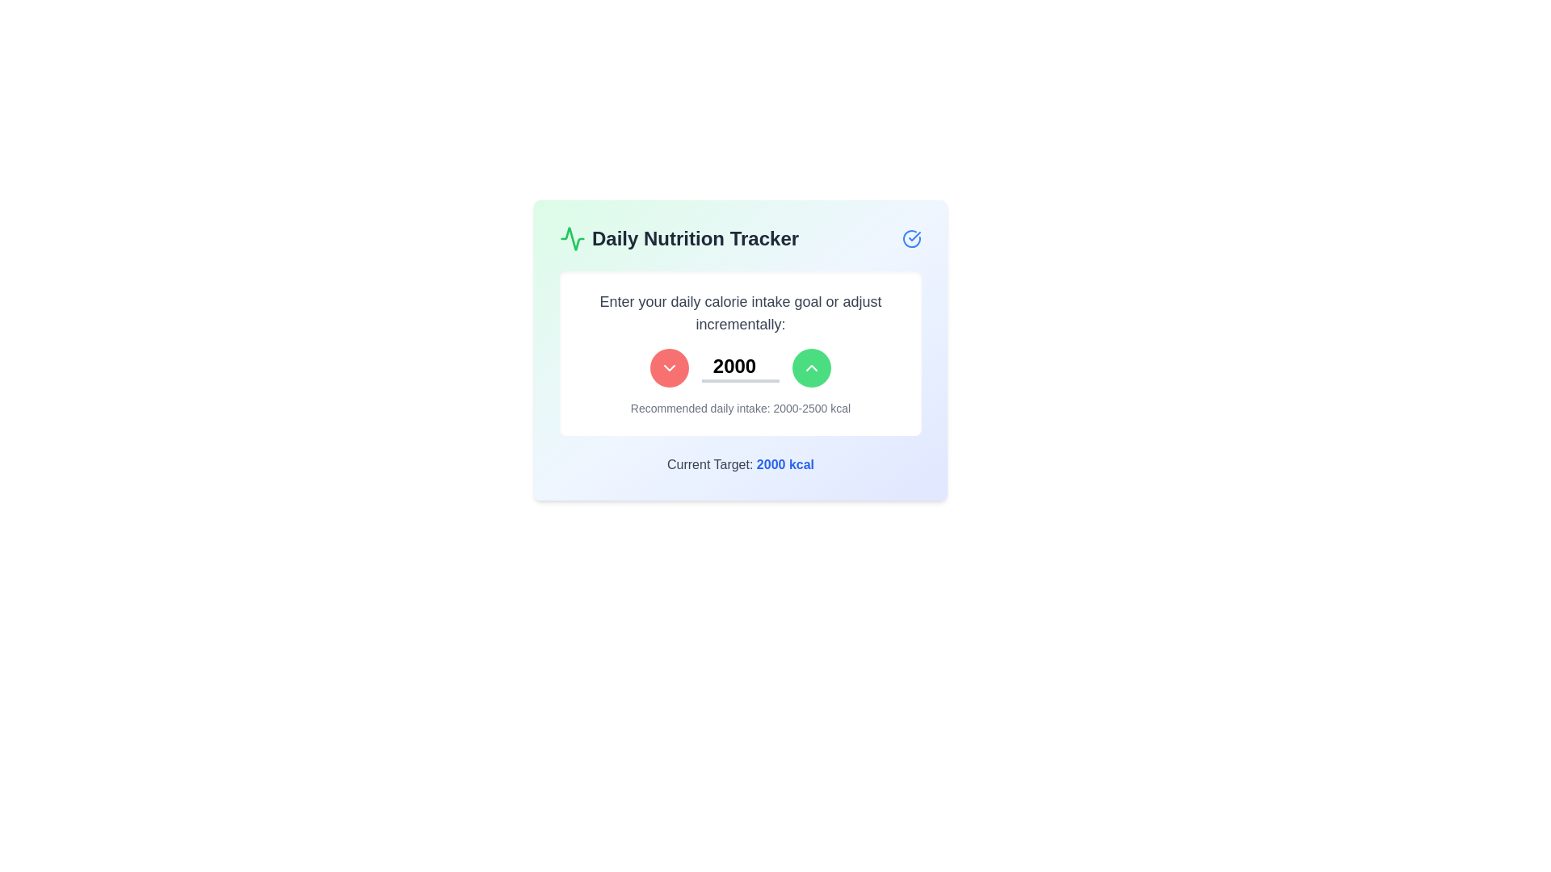  What do you see at coordinates (785, 464) in the screenshot?
I see `the text element displaying '2000 kcal' in bold blue font, located in the lower right section of the card component` at bounding box center [785, 464].